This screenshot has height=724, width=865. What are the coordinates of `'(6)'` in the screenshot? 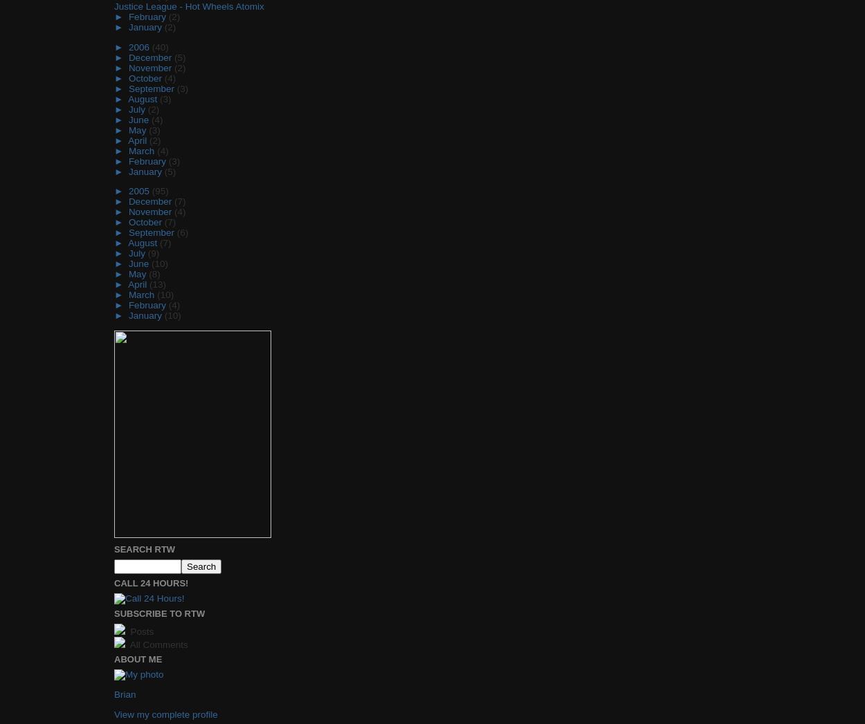 It's located at (182, 232).